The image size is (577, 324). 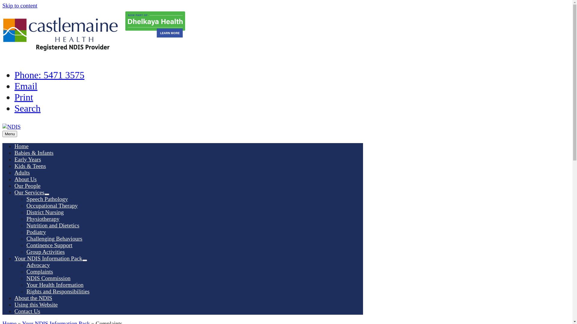 I want to click on 'Adults', so click(x=22, y=172).